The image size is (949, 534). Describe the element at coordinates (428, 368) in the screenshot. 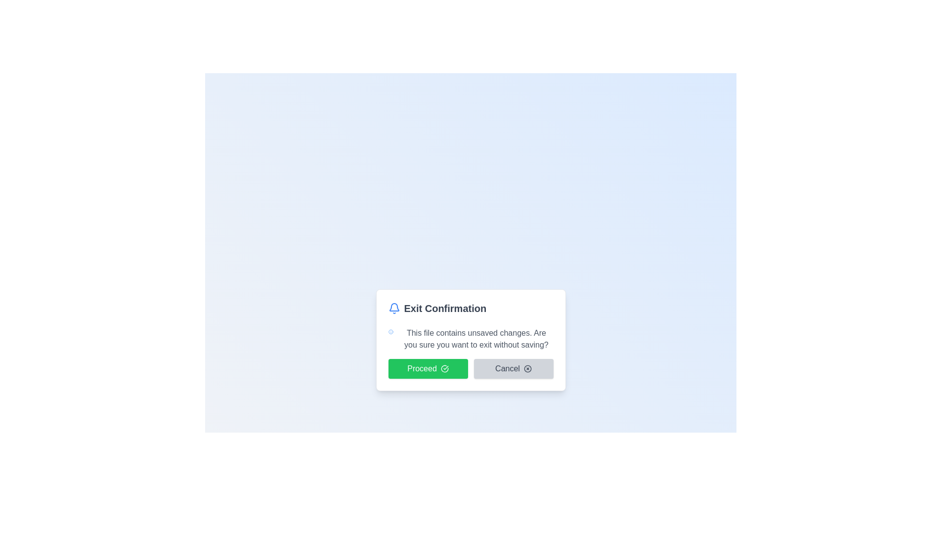

I see `the green 'Proceed' button located at the bottom center of the modal, which is the first button in a sequence of two buttons, to confirm the action` at that location.